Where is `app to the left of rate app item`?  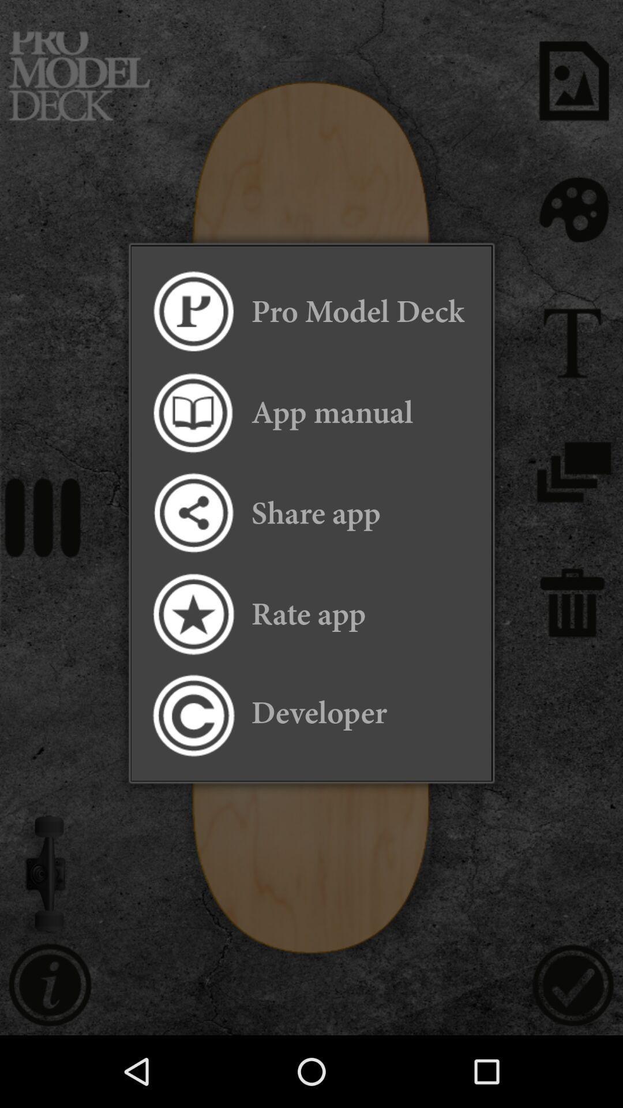 app to the left of rate app item is located at coordinates (192, 613).